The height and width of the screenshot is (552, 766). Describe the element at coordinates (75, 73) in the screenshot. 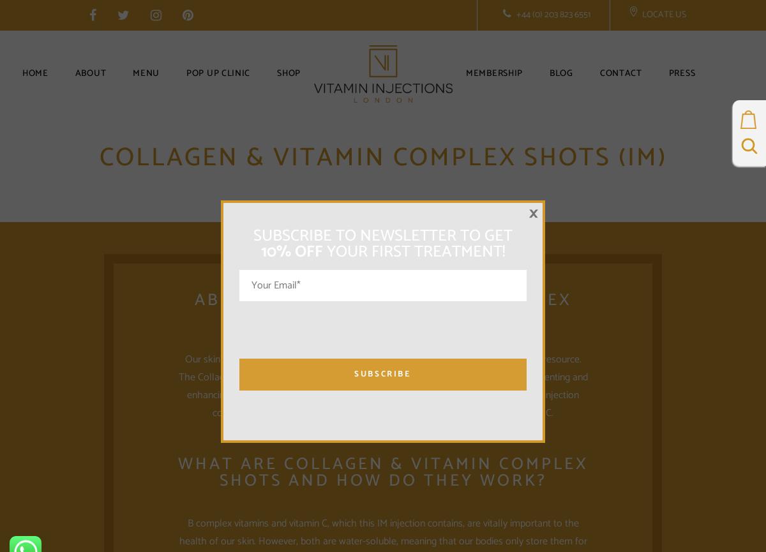

I see `'About'` at that location.